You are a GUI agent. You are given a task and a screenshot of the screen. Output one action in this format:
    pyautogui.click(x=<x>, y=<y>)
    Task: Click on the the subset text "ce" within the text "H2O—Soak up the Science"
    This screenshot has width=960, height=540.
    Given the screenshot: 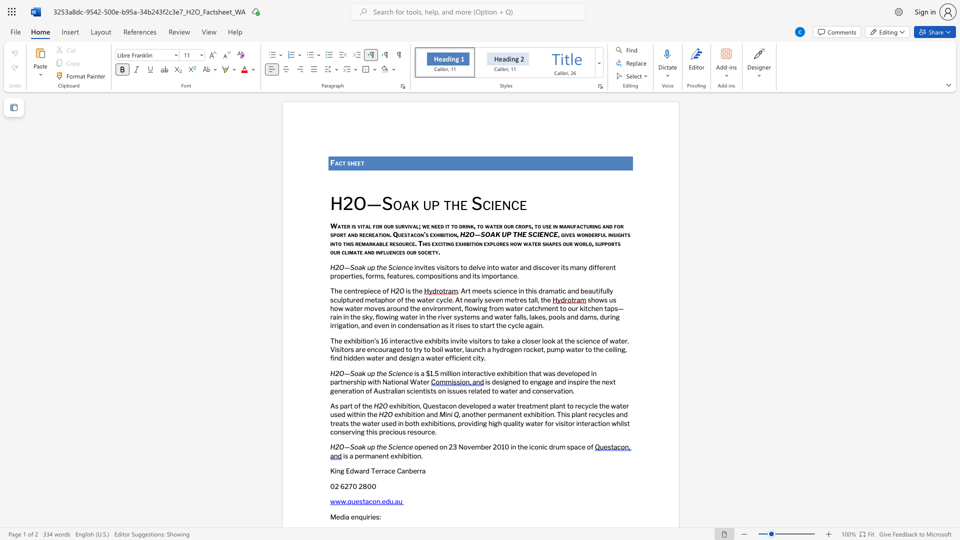 What is the action you would take?
    pyautogui.click(x=511, y=203)
    